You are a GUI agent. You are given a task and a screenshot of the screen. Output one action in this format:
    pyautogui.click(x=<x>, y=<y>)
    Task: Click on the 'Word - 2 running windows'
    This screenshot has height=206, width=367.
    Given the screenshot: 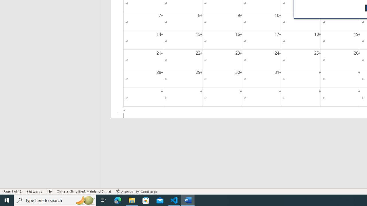 What is the action you would take?
    pyautogui.click(x=188, y=200)
    